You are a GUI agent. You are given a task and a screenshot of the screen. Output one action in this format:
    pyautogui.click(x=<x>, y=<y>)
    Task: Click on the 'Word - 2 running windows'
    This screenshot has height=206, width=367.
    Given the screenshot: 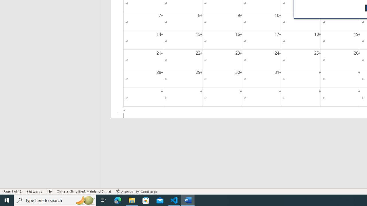 What is the action you would take?
    pyautogui.click(x=188, y=200)
    